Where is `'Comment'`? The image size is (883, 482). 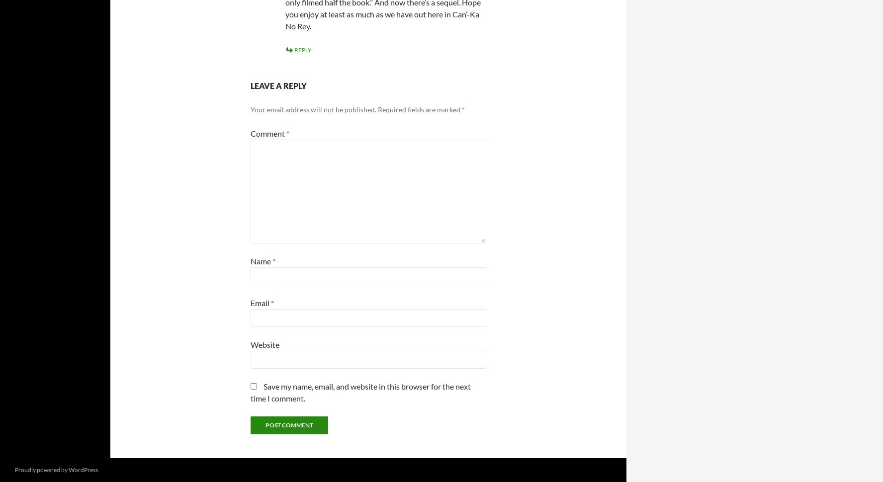
'Comment' is located at coordinates (268, 132).